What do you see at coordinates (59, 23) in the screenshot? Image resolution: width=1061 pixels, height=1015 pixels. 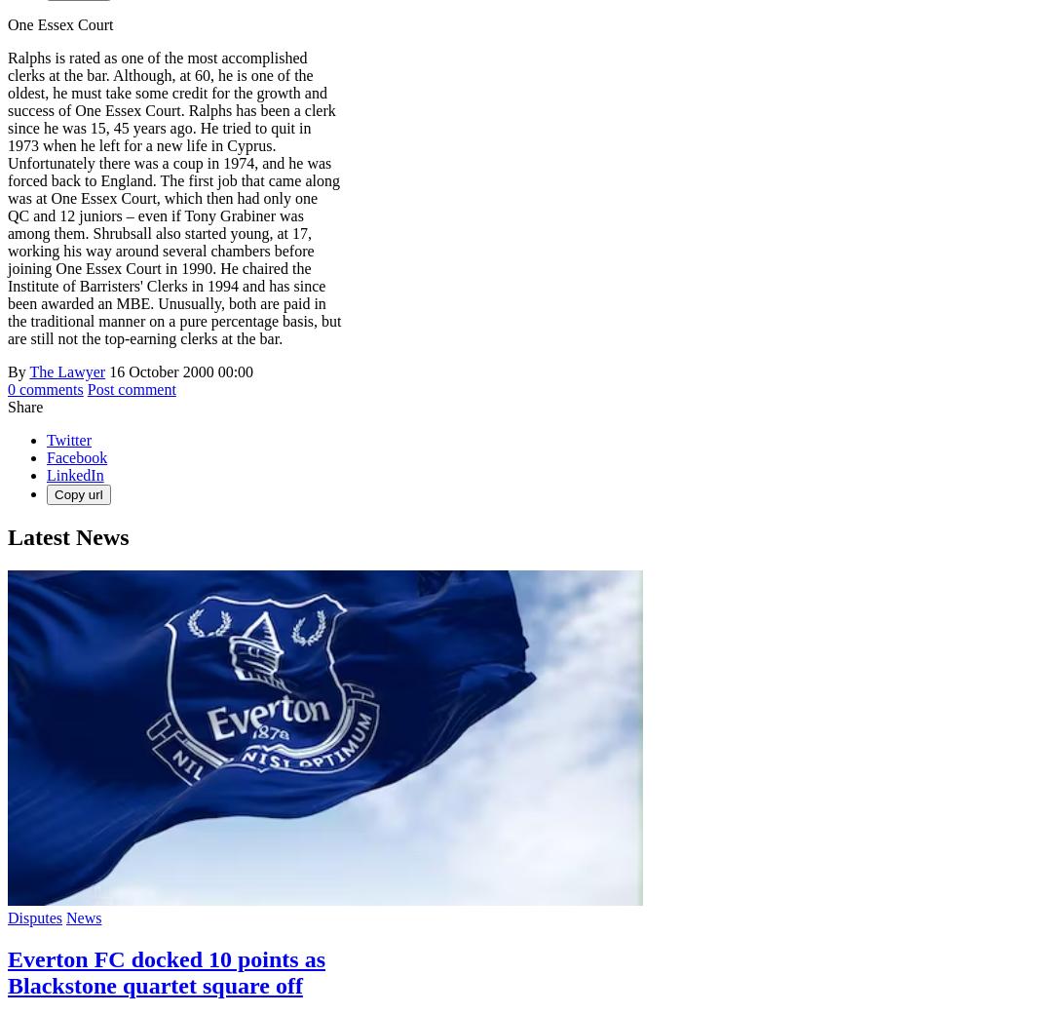 I see `'One Essex Court'` at bounding box center [59, 23].